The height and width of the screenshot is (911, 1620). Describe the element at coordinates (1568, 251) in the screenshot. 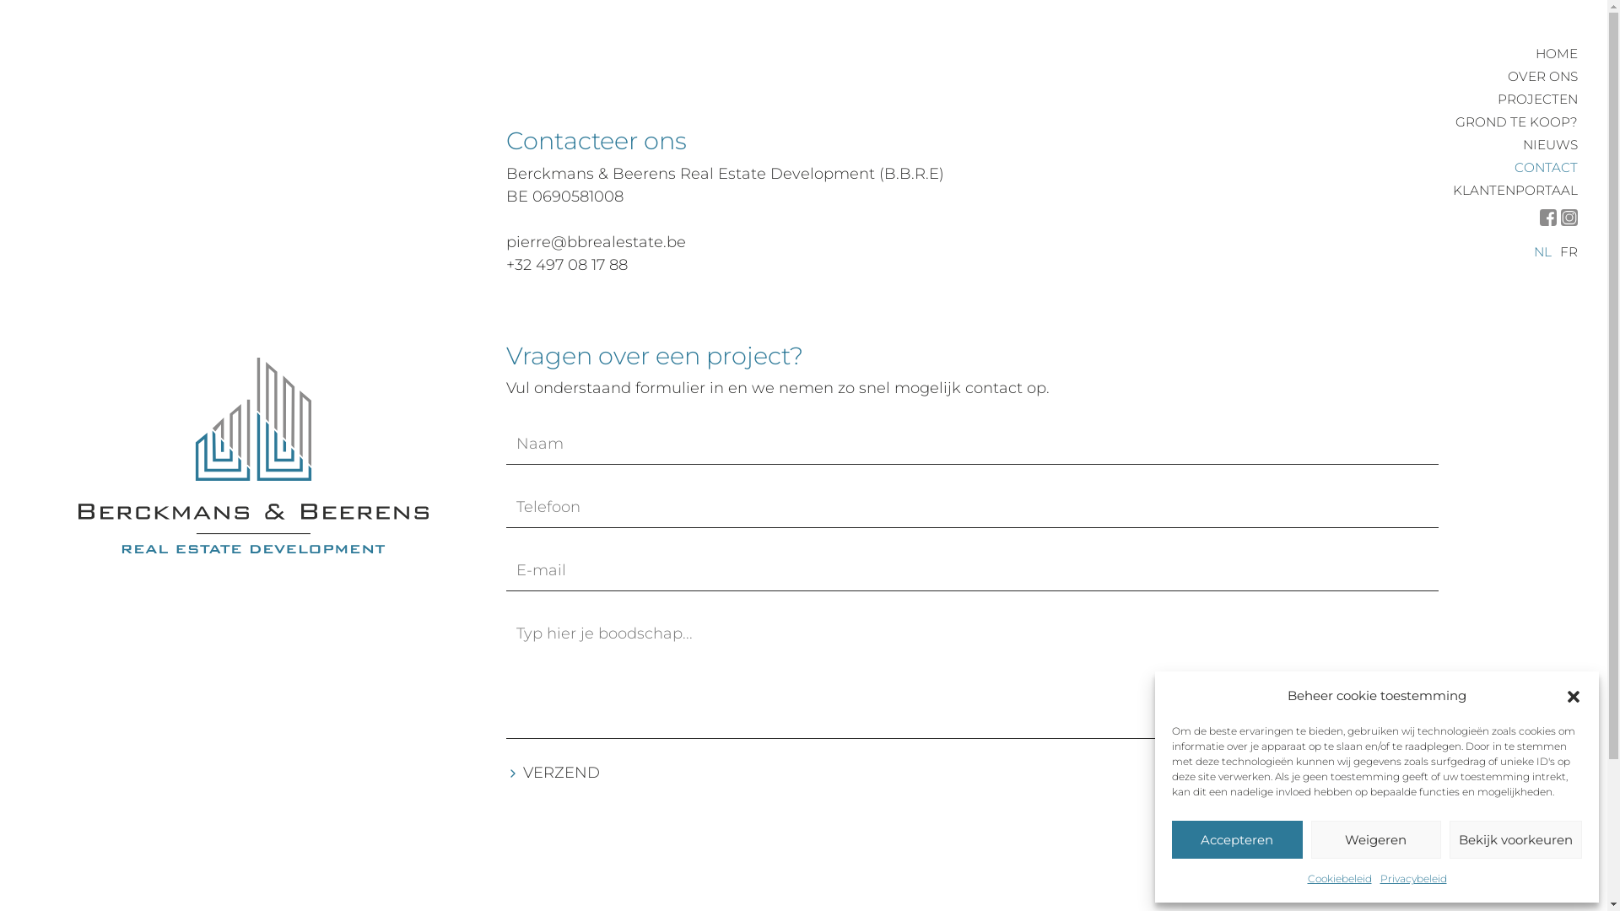

I see `'FR'` at that location.